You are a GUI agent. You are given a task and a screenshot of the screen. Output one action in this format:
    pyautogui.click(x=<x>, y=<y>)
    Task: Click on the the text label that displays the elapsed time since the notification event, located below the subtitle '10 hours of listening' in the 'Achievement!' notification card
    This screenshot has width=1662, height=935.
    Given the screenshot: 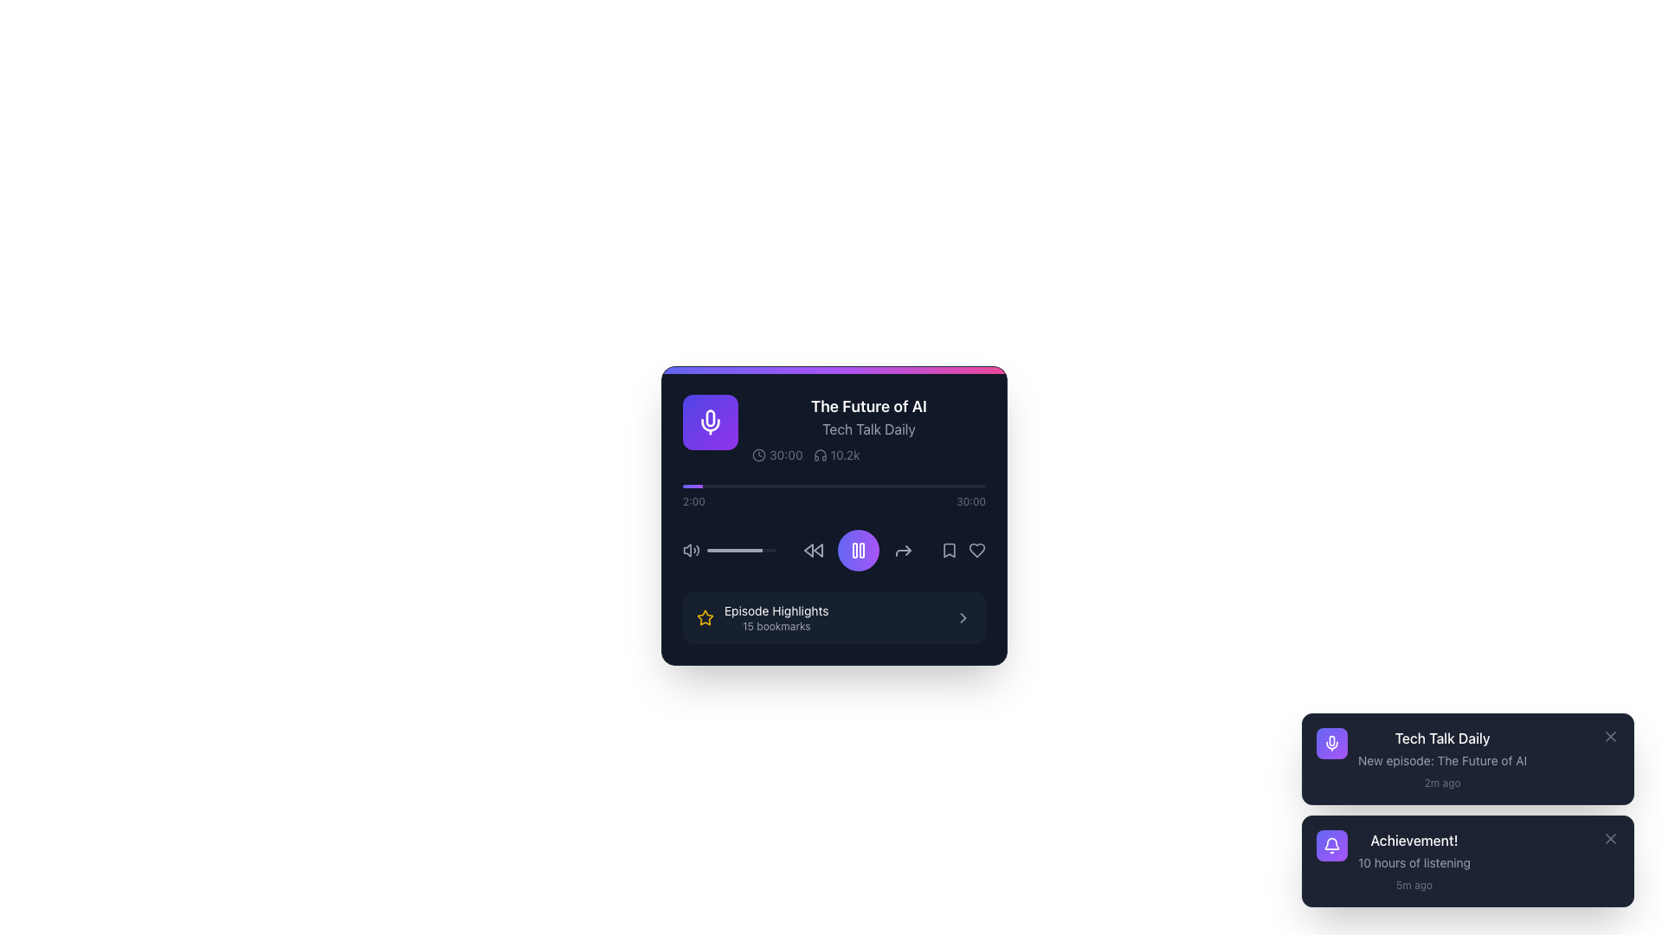 What is the action you would take?
    pyautogui.click(x=1414, y=885)
    